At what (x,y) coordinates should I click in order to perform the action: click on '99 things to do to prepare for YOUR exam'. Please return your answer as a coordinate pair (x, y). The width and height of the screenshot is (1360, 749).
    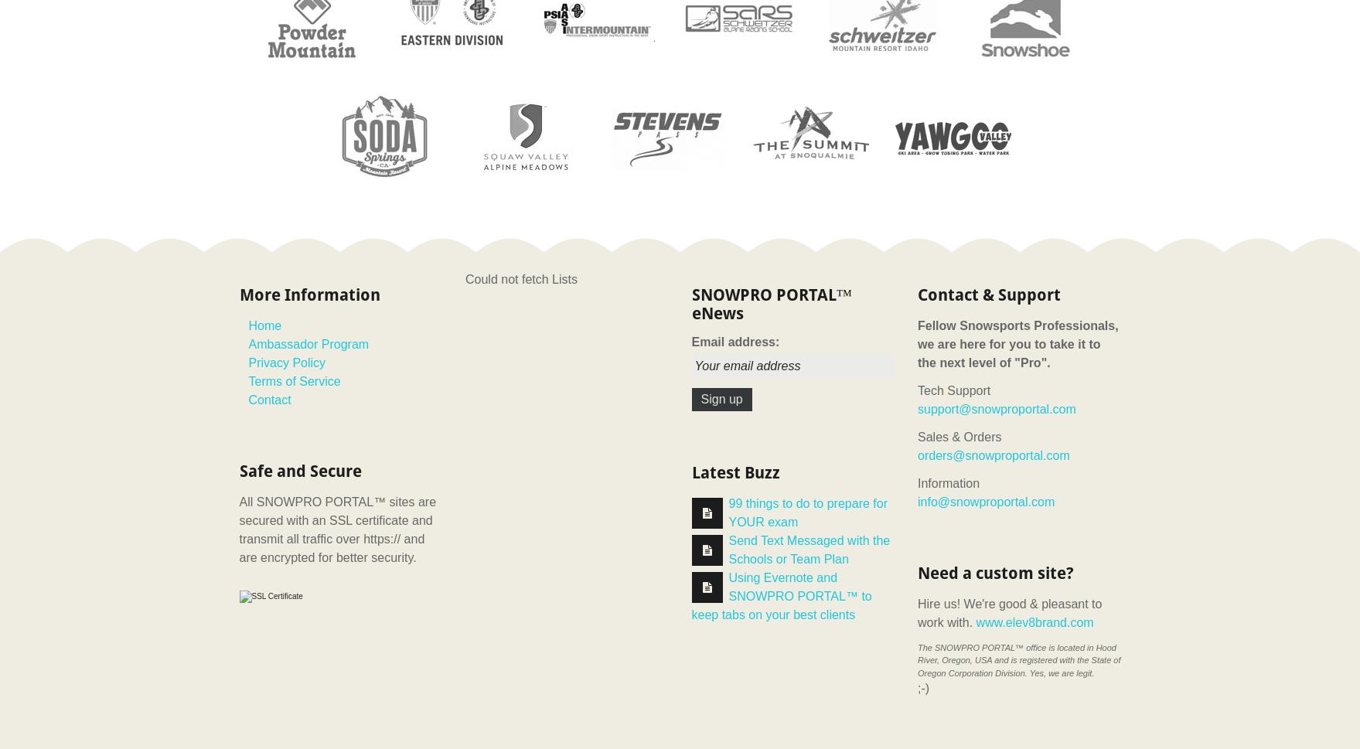
    Looking at the image, I should click on (806, 511).